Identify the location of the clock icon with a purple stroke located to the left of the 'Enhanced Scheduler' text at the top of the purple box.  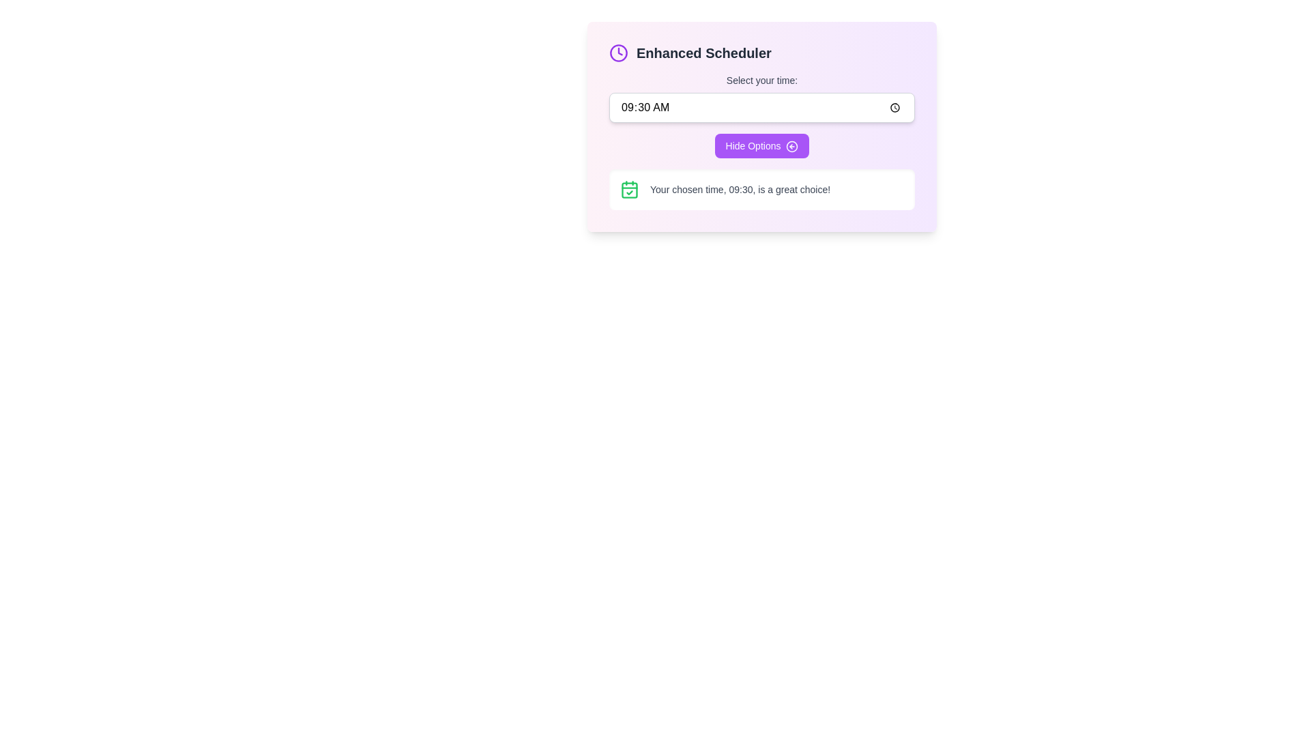
(618, 52).